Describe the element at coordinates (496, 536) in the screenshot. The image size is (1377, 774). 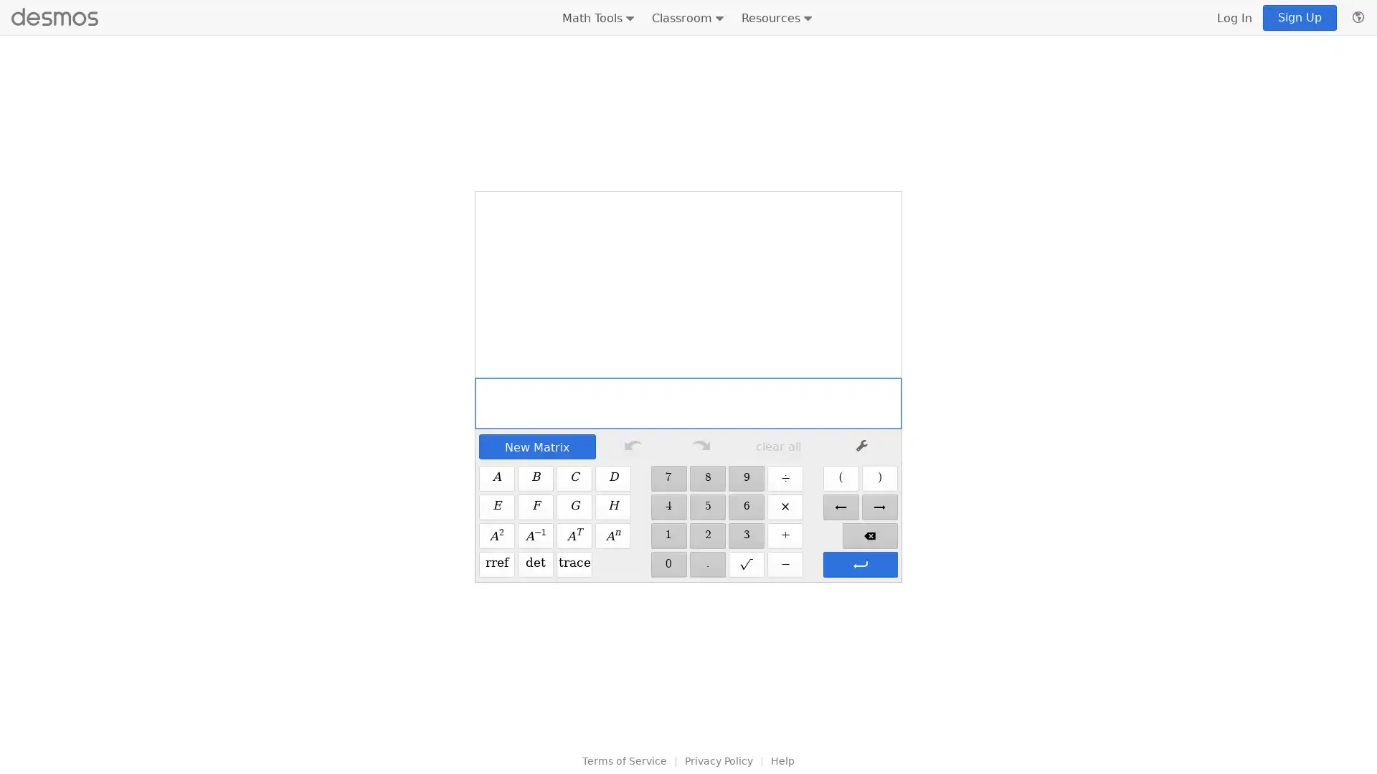
I see `Squared` at that location.